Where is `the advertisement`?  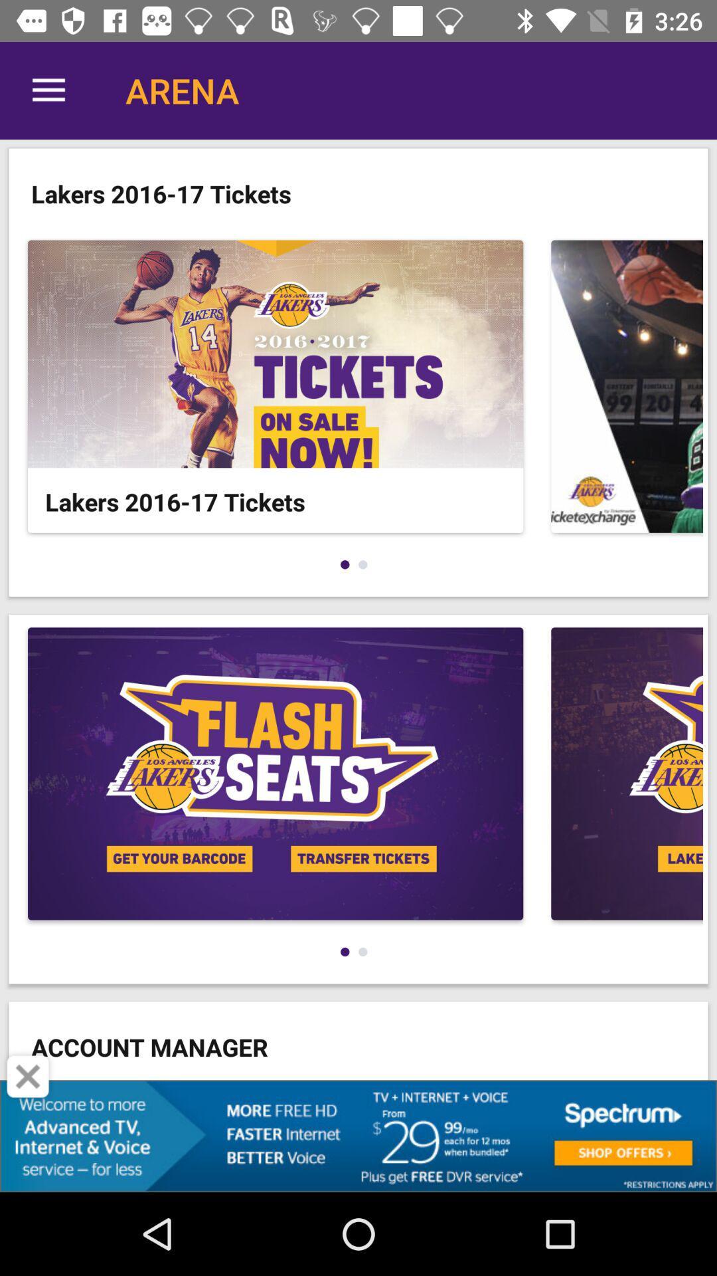
the advertisement is located at coordinates (28, 1077).